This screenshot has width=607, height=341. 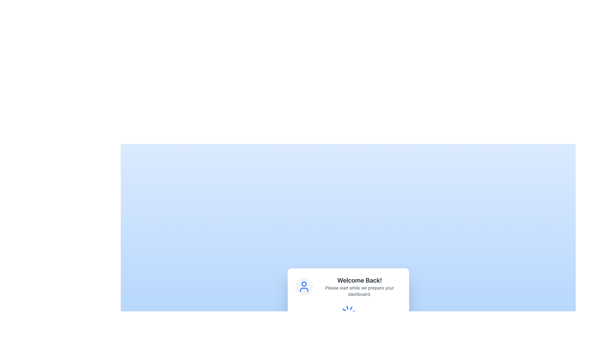 I want to click on bold message 'Welcome Back!' displayed at the top of the message card located near the bottom center of the page, so click(x=359, y=280).